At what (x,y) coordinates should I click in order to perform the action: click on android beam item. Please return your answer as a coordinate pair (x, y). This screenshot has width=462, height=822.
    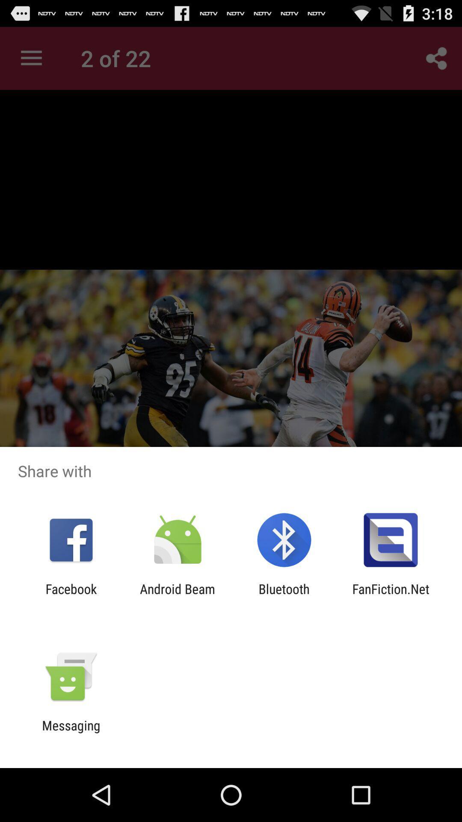
    Looking at the image, I should click on (177, 596).